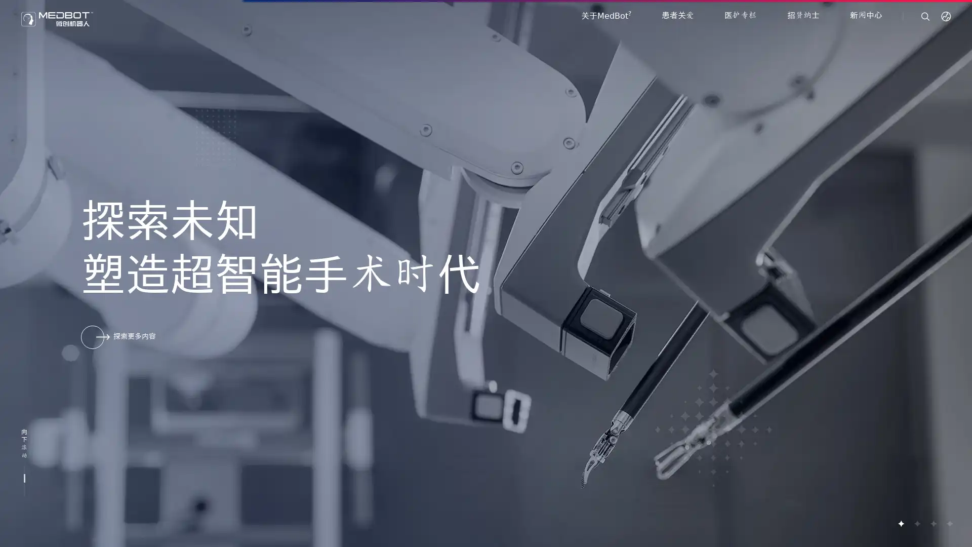 This screenshot has height=547, width=972. I want to click on Go to slide 2, so click(916, 523).